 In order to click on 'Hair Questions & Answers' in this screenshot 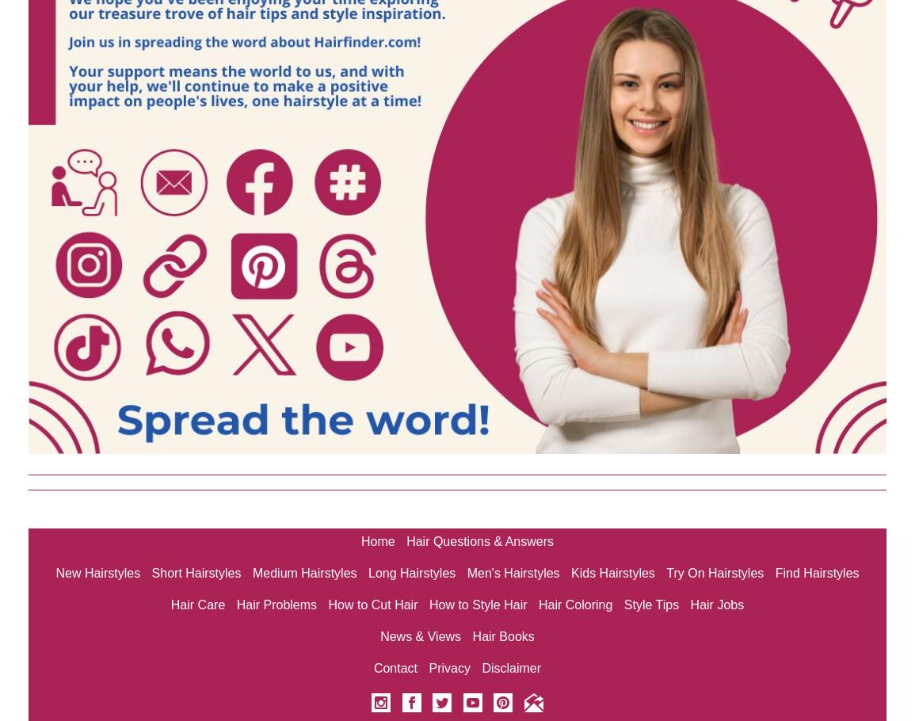, I will do `click(480, 540)`.